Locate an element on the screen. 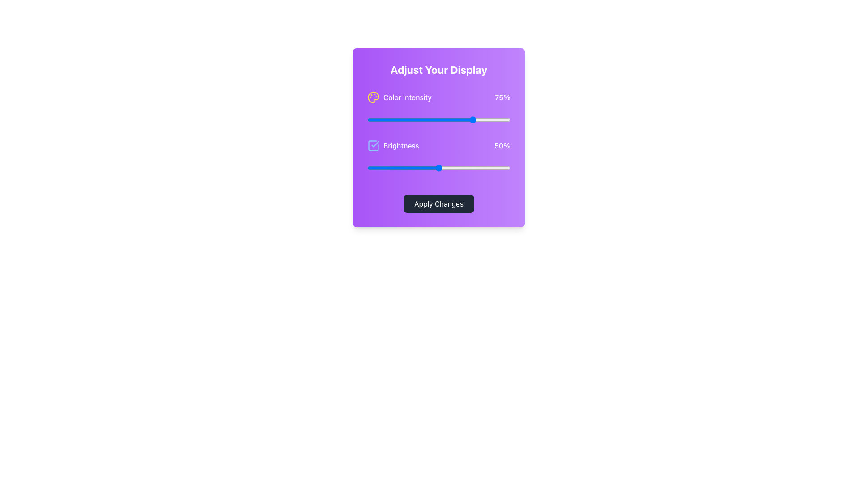  the Brightness slider is located at coordinates (415, 168).